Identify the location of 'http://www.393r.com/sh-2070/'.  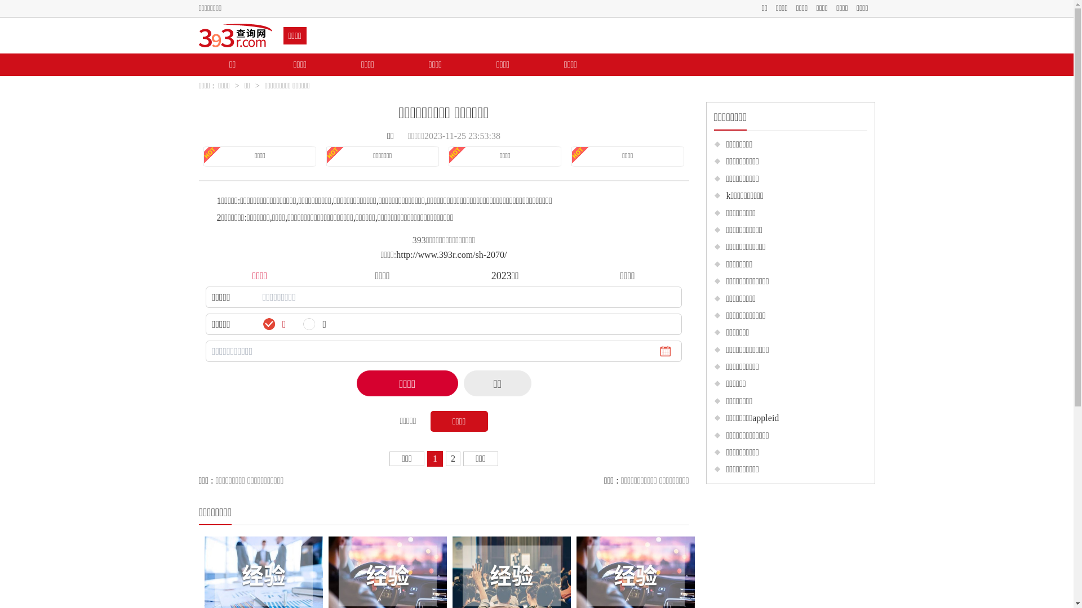
(451, 254).